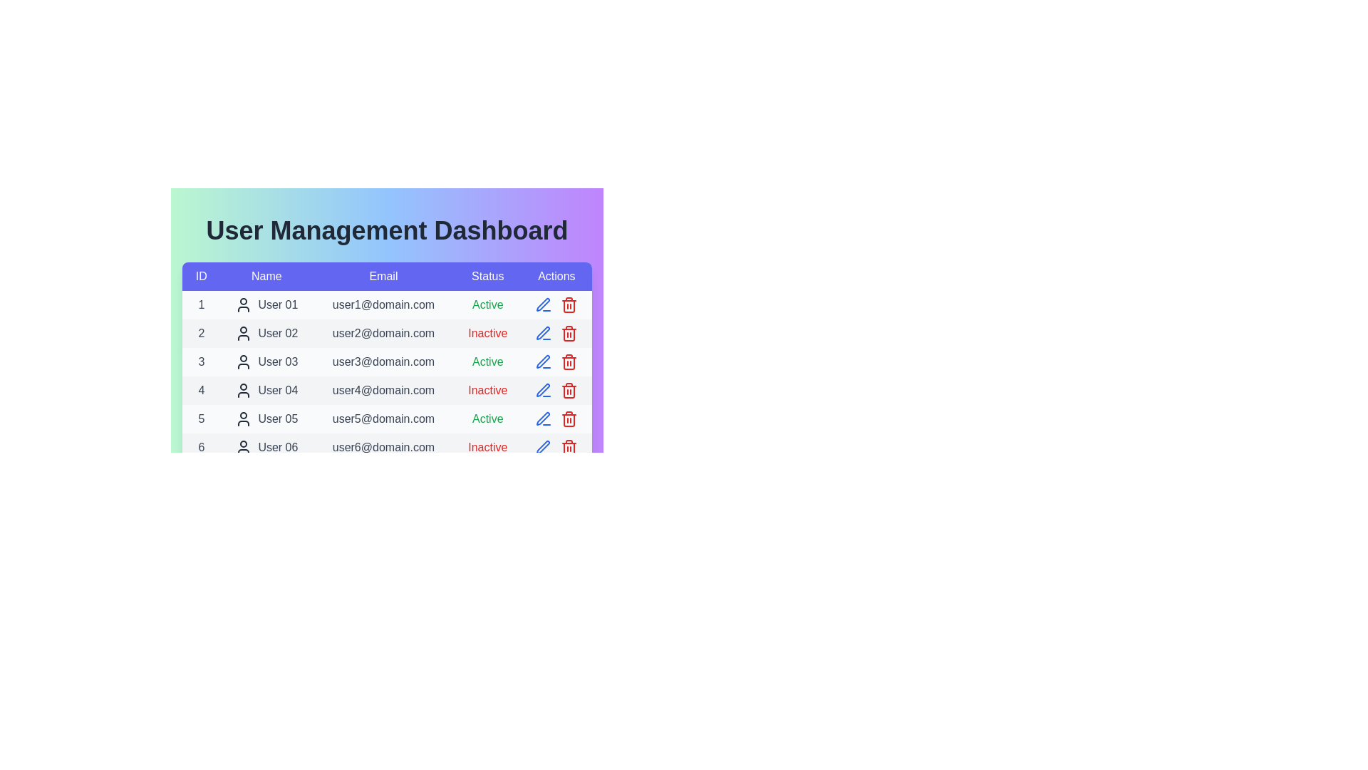 This screenshot has height=770, width=1368. What do you see at coordinates (569, 617) in the screenshot?
I see `the delete icon for user with ID 12` at bounding box center [569, 617].